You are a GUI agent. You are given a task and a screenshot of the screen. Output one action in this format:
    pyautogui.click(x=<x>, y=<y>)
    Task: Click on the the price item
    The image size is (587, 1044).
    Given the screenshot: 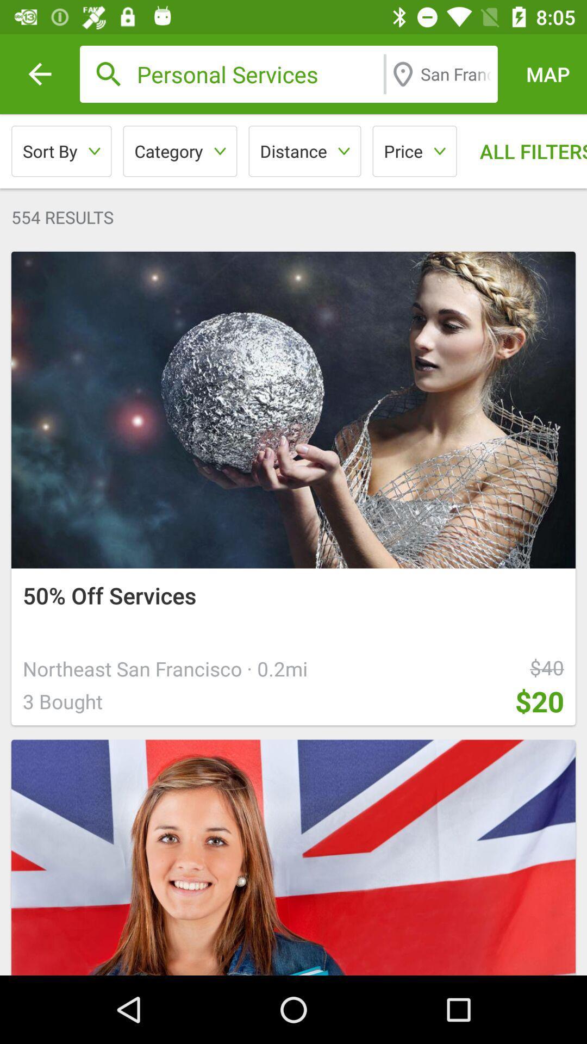 What is the action you would take?
    pyautogui.click(x=415, y=151)
    